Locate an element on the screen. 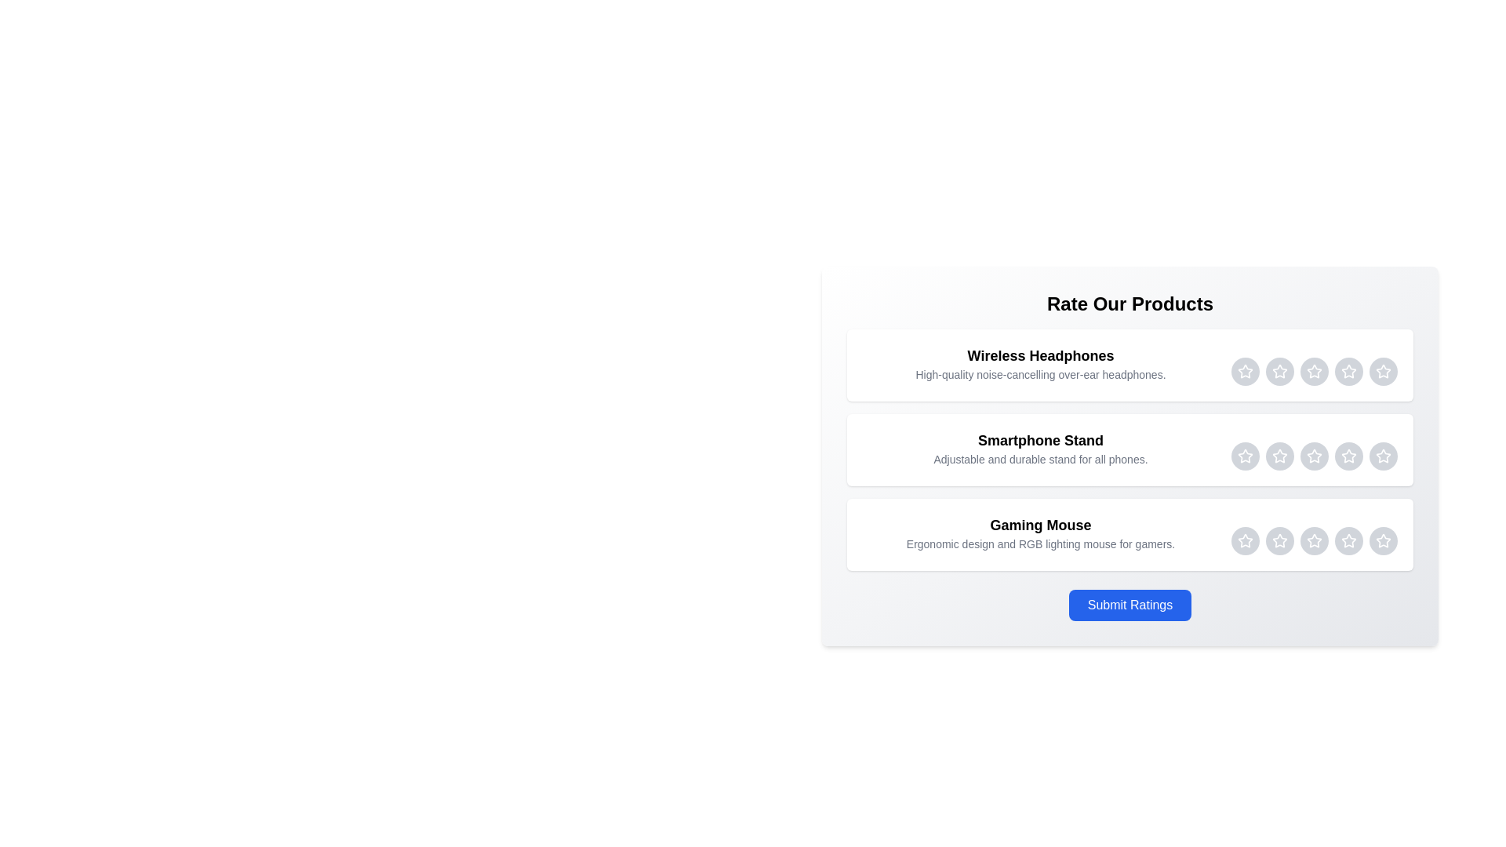 This screenshot has height=847, width=1506. the Wireless Headphones rating star 3 is located at coordinates (1314, 372).